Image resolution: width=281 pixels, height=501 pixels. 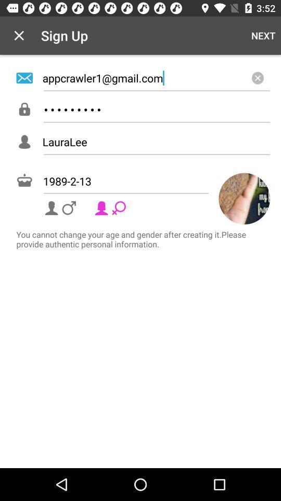 What do you see at coordinates (111, 207) in the screenshot?
I see `a female icon which is above 2 line text` at bounding box center [111, 207].